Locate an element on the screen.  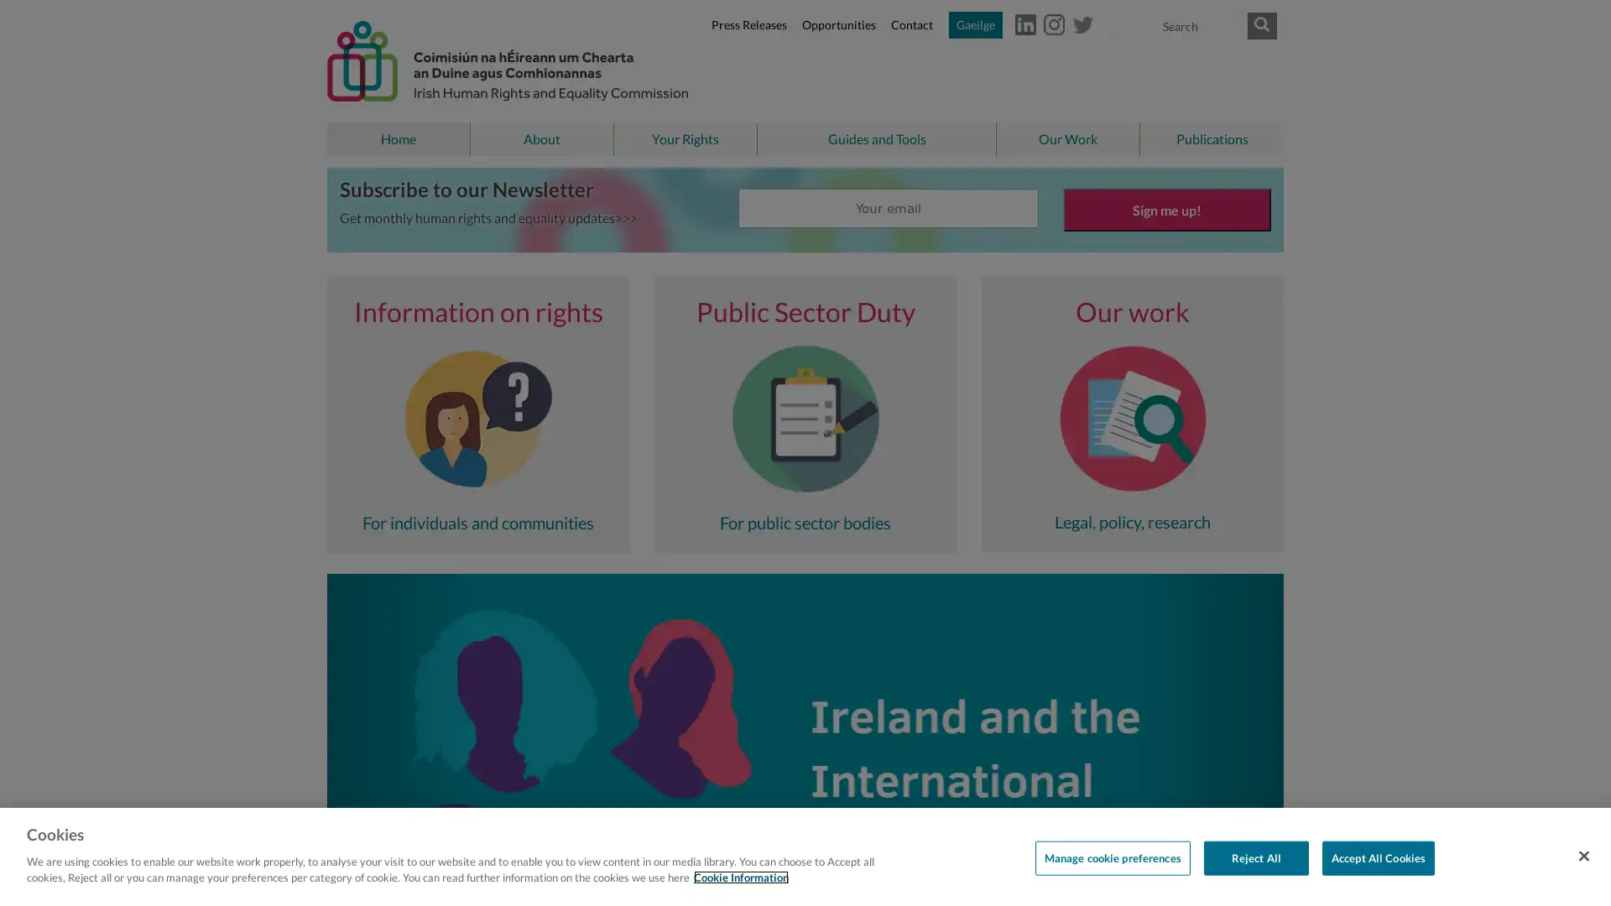
Accept All Cookies is located at coordinates (1378, 857).